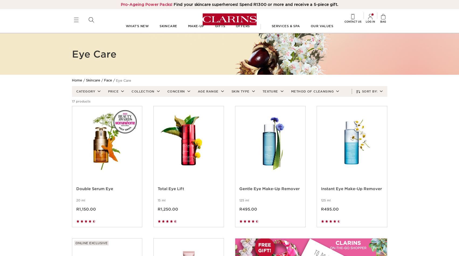  What do you see at coordinates (170, 195) in the screenshot?
I see `'Total Eye Lift'` at bounding box center [170, 195].